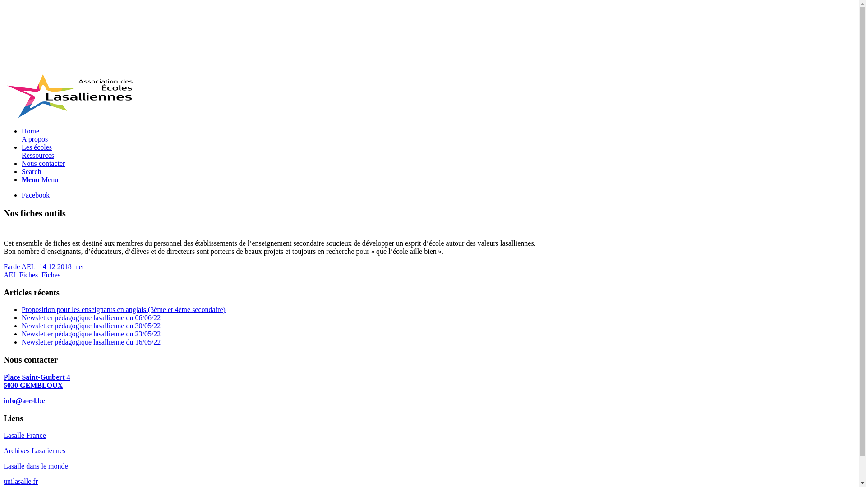  What do you see at coordinates (36, 381) in the screenshot?
I see `'Place Saint-Guibert 4` at bounding box center [36, 381].